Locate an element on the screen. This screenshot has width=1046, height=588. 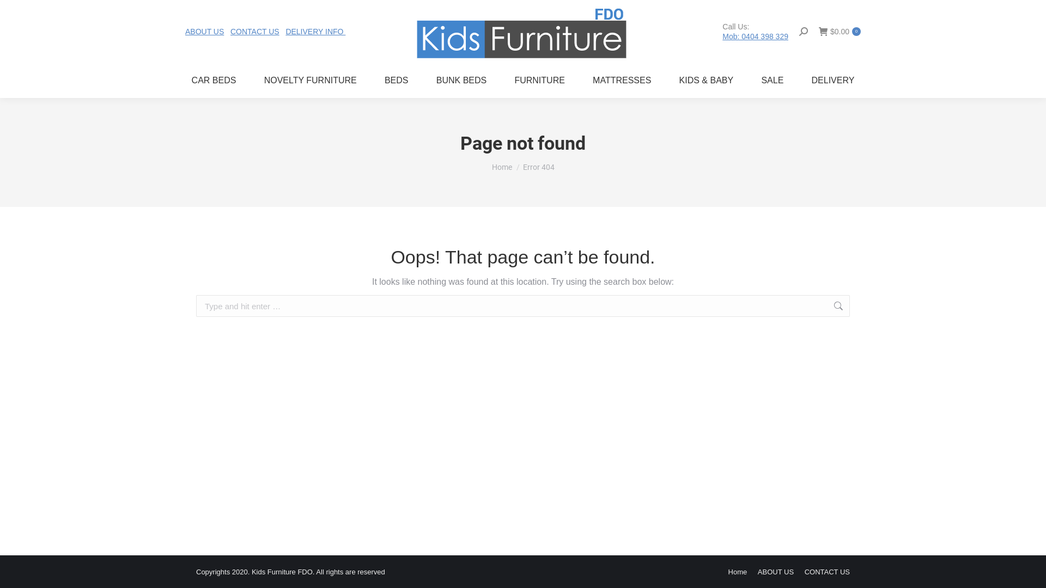
'BEDS' is located at coordinates (396, 79).